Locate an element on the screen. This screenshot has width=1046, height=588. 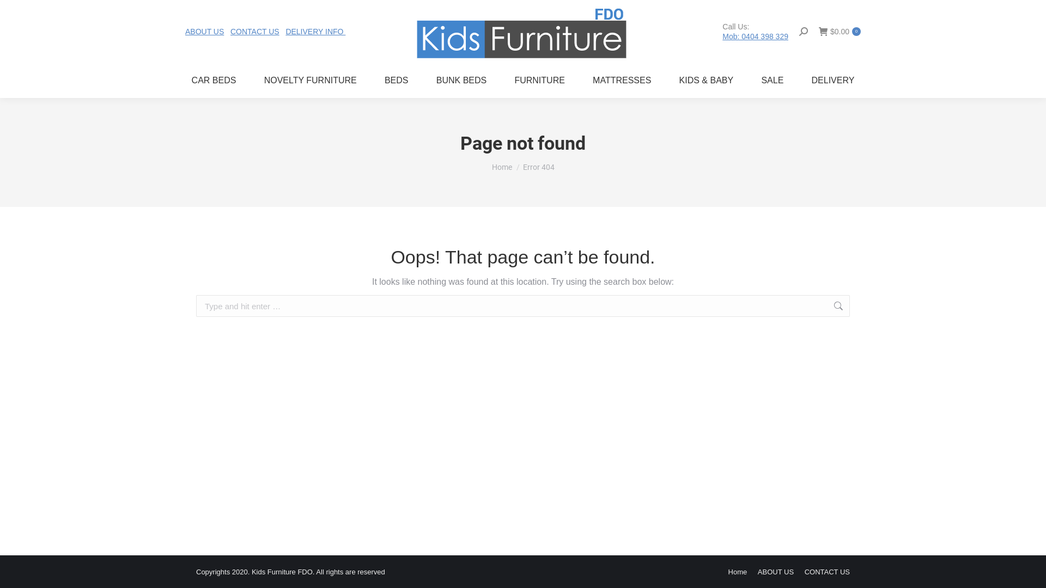
'BEDS' is located at coordinates (396, 79).